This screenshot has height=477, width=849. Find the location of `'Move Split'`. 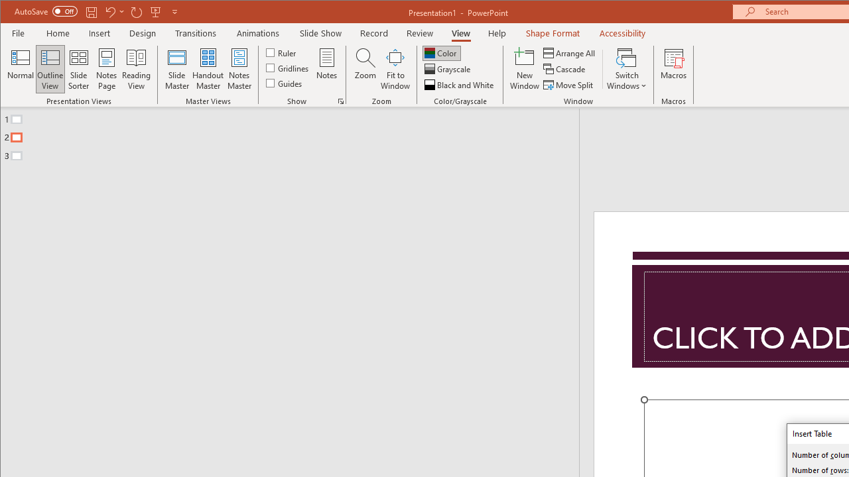

'Move Split' is located at coordinates (569, 85).